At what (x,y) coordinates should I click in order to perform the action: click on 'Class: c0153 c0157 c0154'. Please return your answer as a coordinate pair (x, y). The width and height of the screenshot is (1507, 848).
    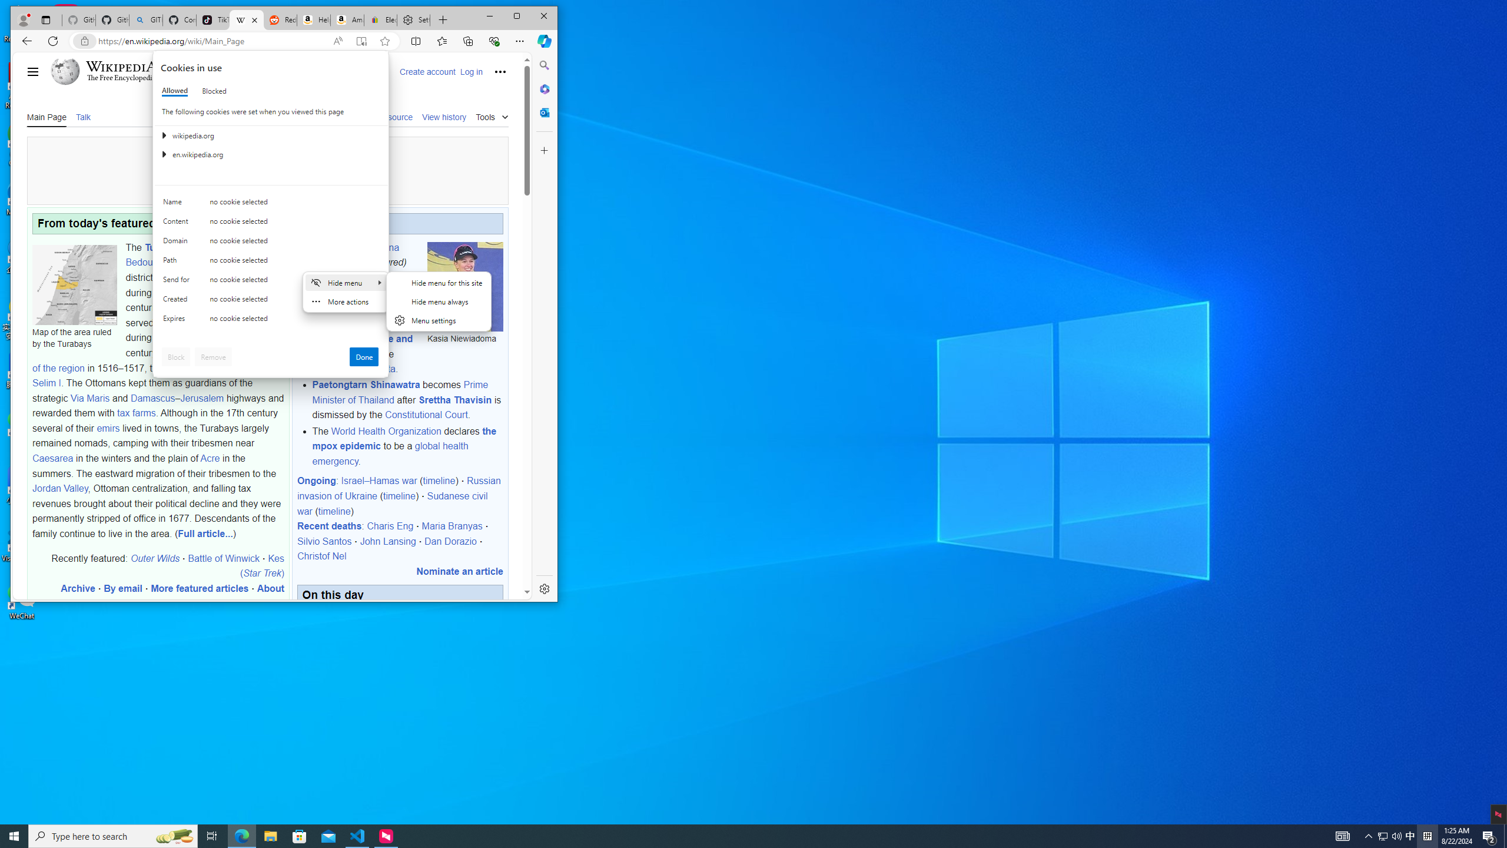
    Looking at the image, I should click on (271, 204).